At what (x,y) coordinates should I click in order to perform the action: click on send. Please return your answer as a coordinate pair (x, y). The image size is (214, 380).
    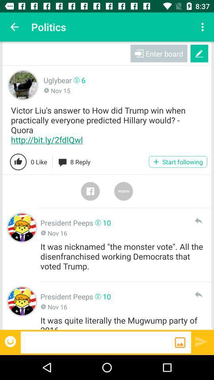
    Looking at the image, I should click on (198, 220).